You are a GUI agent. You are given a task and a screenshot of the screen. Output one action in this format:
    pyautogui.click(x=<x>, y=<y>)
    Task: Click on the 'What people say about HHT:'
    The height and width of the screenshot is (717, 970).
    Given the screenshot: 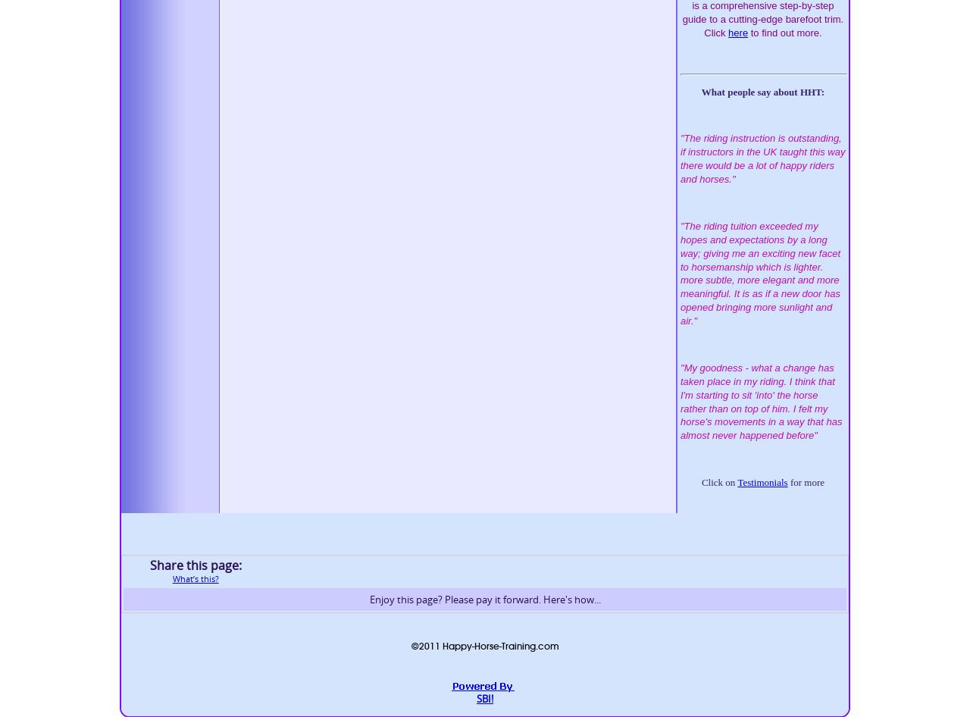 What is the action you would take?
    pyautogui.click(x=700, y=90)
    